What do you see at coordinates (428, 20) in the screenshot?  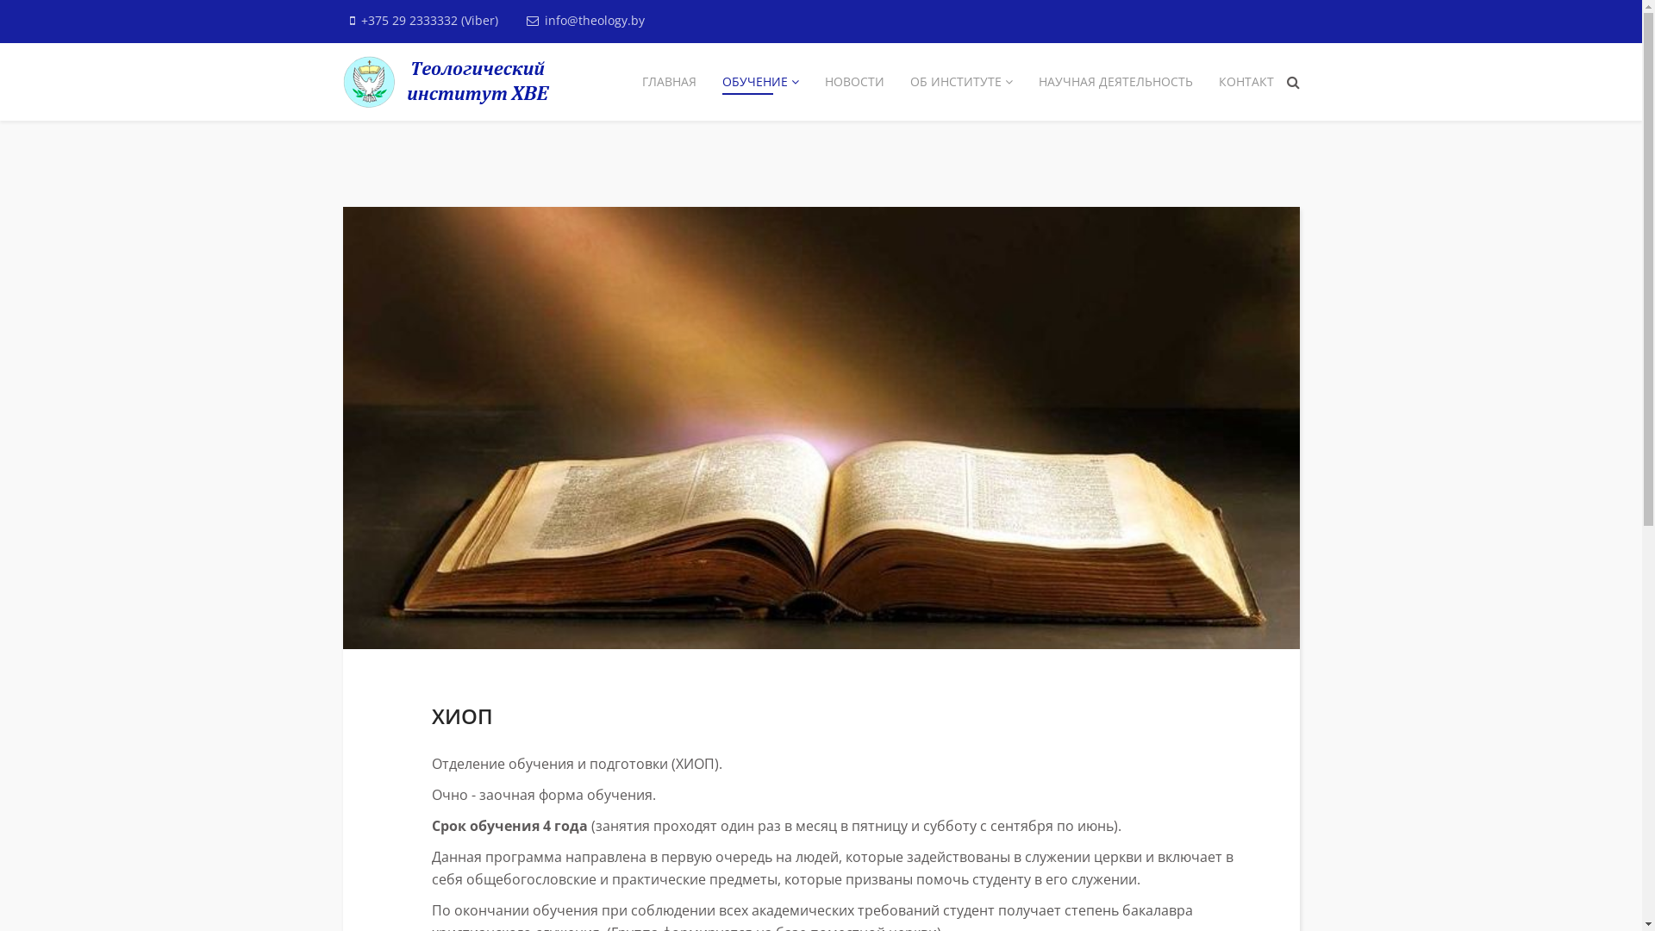 I see `'+375 29 2333332 (Viber)'` at bounding box center [428, 20].